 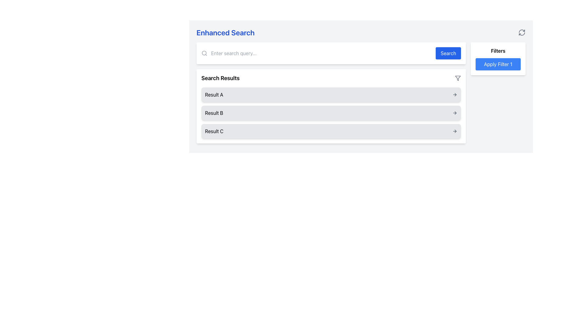 What do you see at coordinates (458, 78) in the screenshot?
I see `the filter icon located to the far right of the 'Search Results' section title` at bounding box center [458, 78].